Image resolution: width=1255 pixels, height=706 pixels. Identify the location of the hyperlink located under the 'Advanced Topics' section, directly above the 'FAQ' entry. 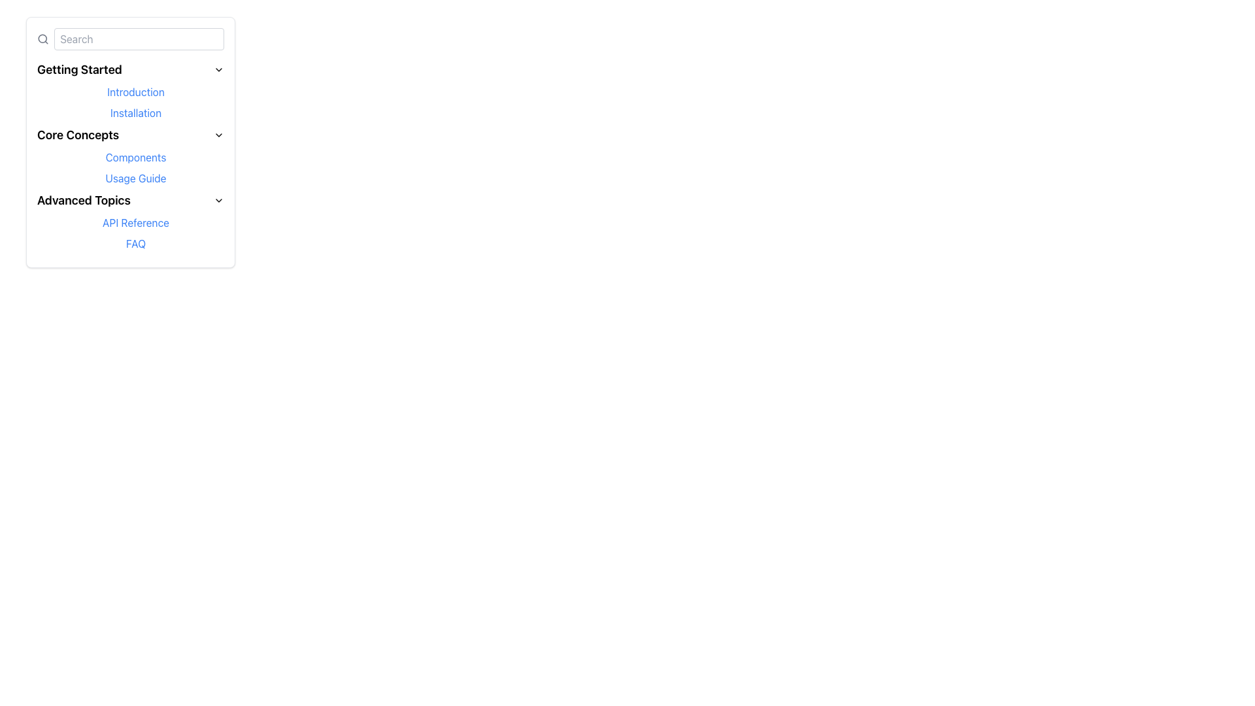
(135, 222).